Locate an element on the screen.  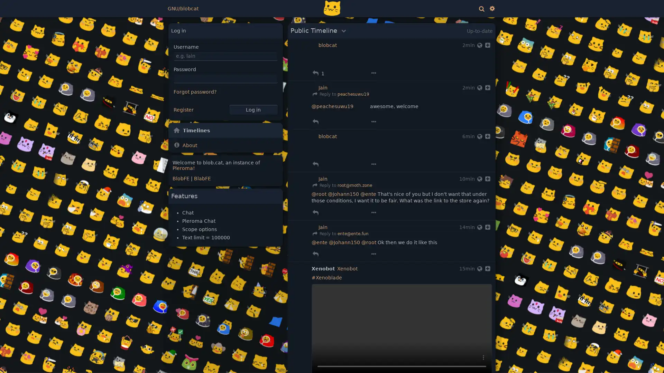
enter full screen is located at coordinates (466, 357).